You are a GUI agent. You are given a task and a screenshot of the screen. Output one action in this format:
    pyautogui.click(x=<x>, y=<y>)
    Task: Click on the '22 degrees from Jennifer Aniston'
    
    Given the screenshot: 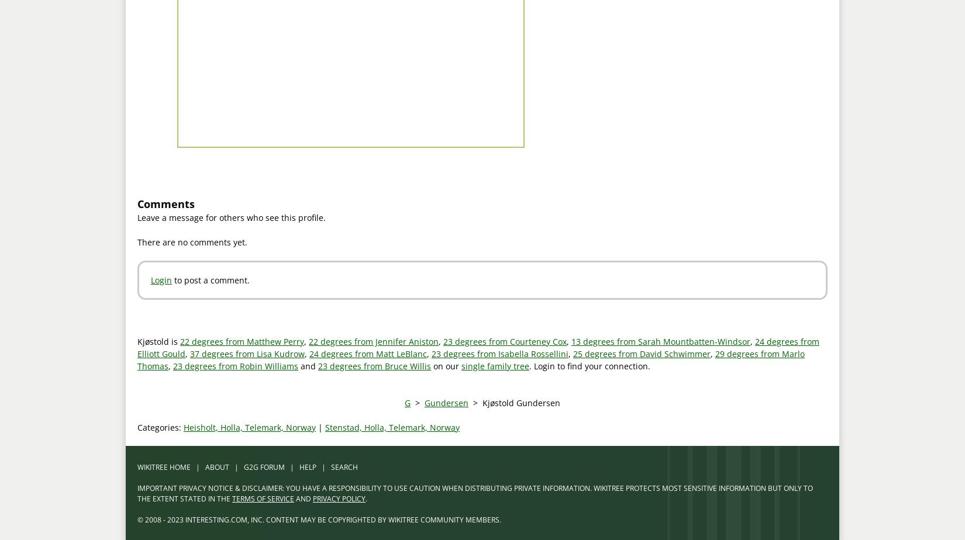 What is the action you would take?
    pyautogui.click(x=308, y=341)
    